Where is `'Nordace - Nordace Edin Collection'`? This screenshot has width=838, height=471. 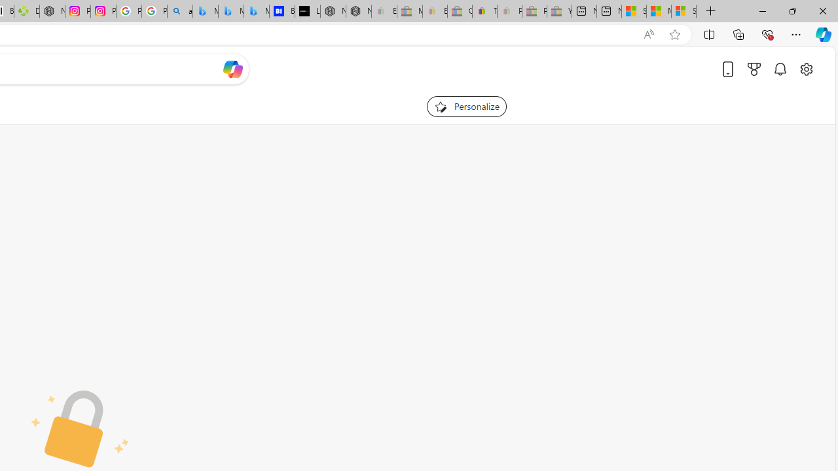 'Nordace - Nordace Edin Collection' is located at coordinates (52, 11).